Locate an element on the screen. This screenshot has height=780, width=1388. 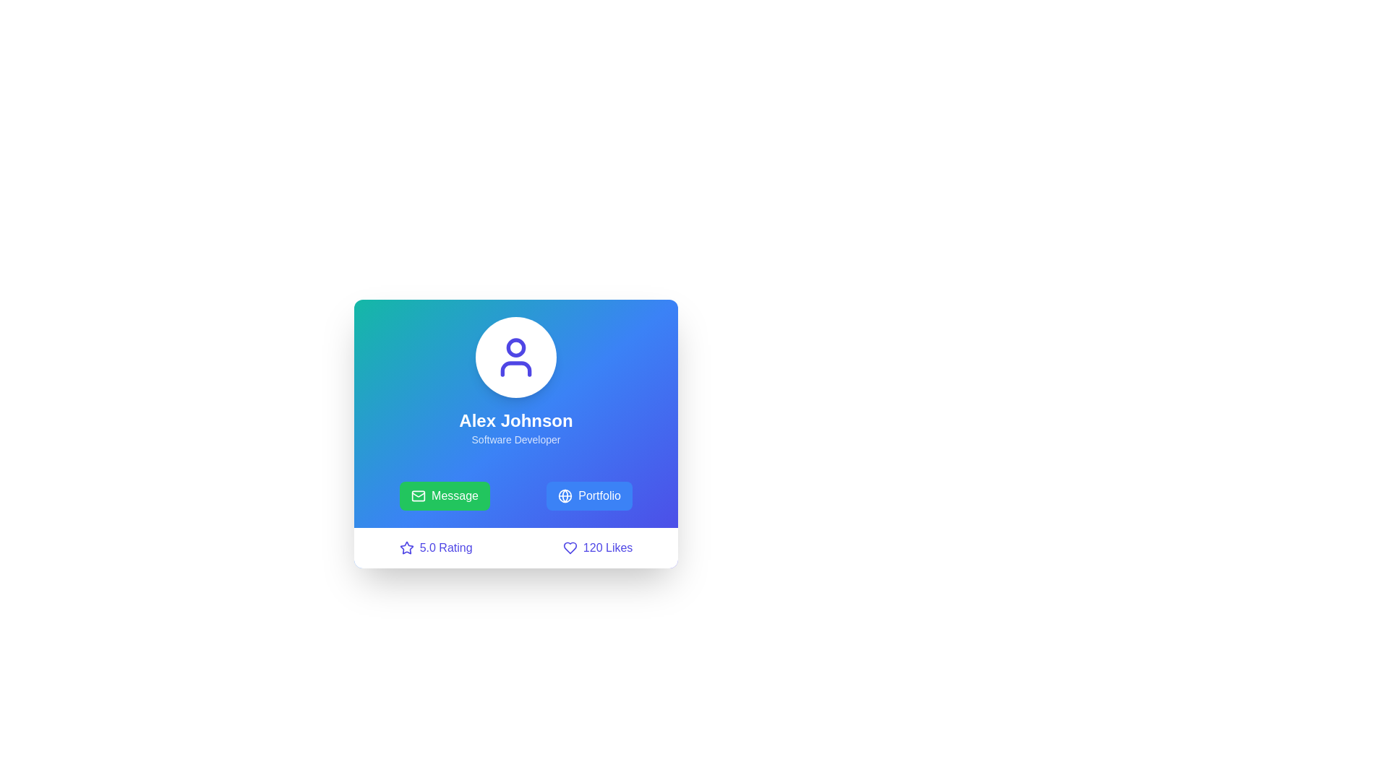
the '120 Likes' text and heart icon element, which is styled in indigo and located in the bottom right portion of the card layout, adjacent to the '5.0 Rating' element is located at coordinates (598, 548).